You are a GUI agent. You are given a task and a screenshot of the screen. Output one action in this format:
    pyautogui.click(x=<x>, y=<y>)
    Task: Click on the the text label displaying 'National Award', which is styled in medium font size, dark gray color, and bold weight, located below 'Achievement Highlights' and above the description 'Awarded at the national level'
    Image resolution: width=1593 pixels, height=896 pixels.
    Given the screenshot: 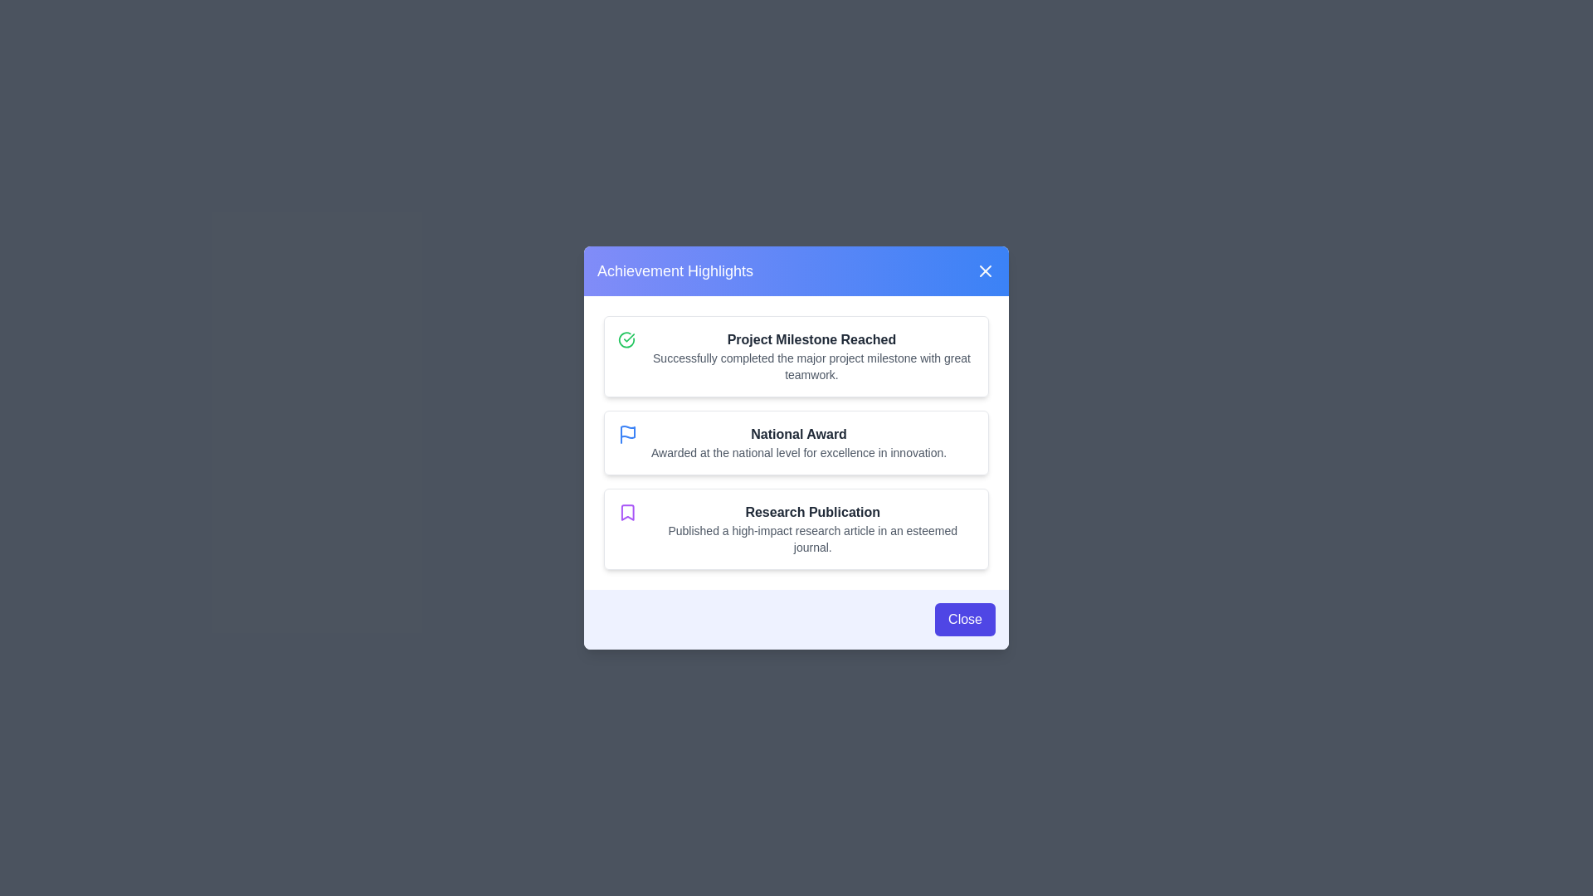 What is the action you would take?
    pyautogui.click(x=799, y=434)
    